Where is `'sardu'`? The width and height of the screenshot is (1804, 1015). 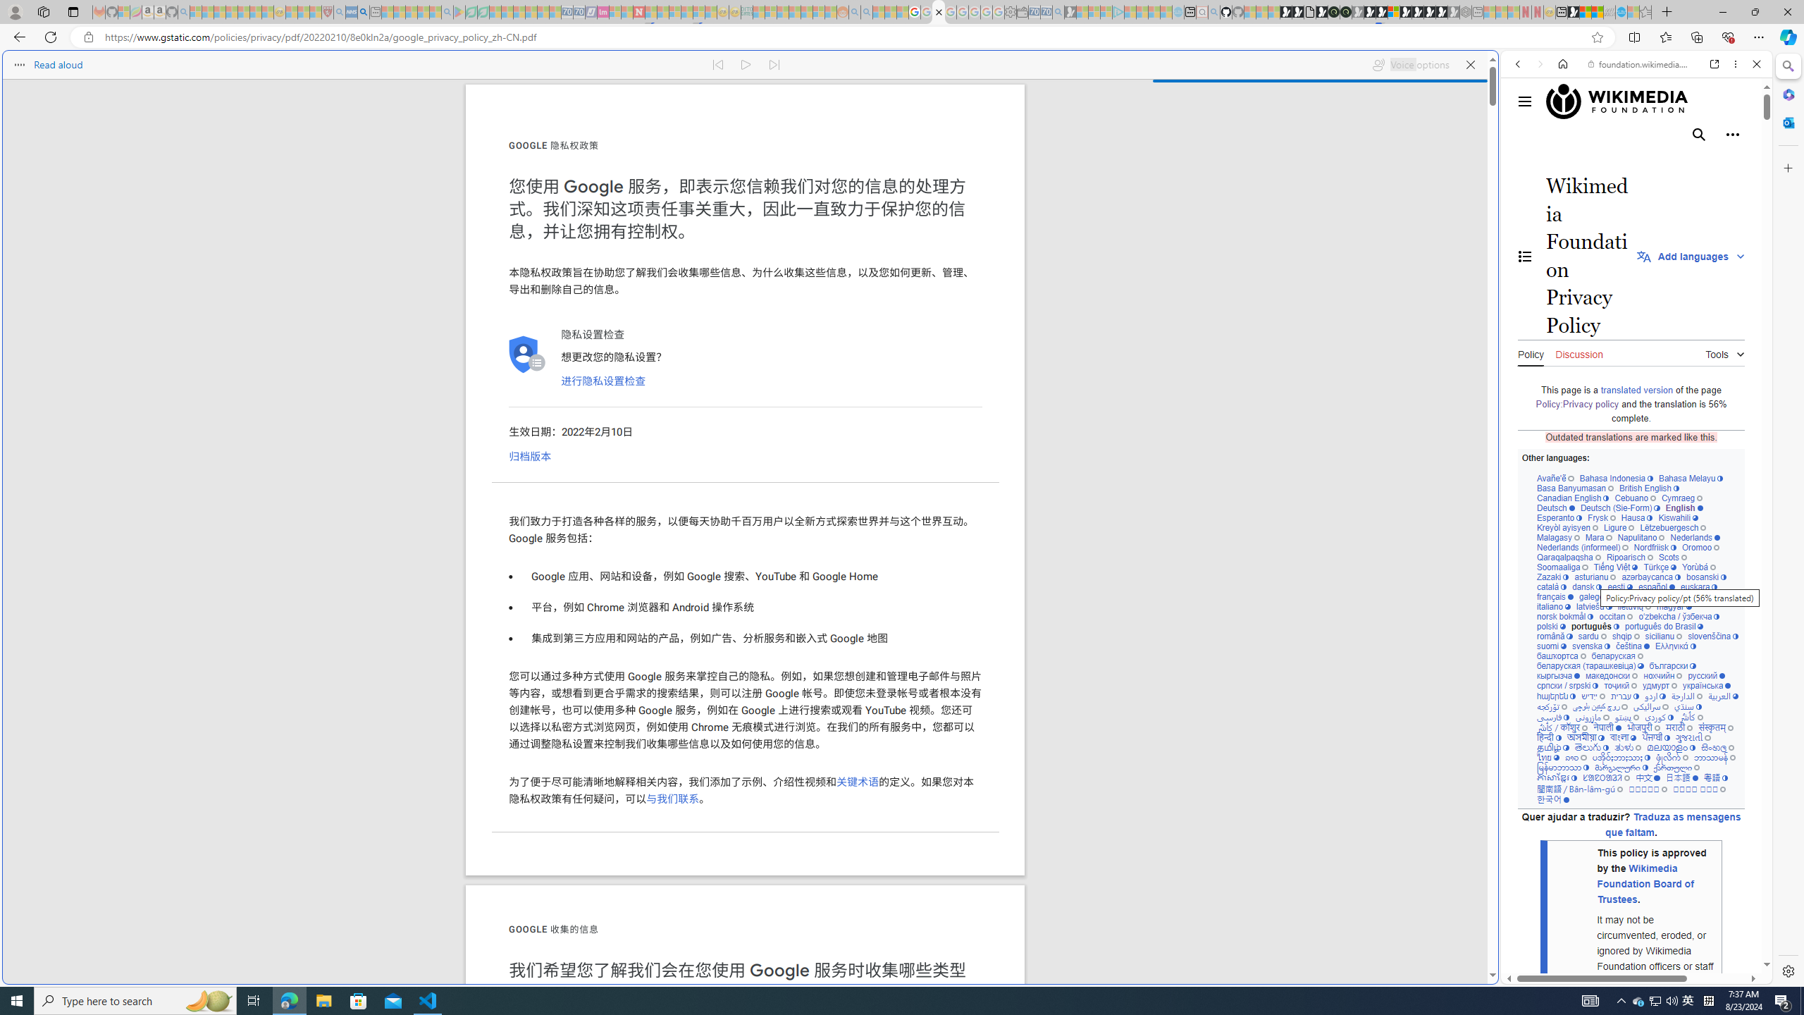
'sardu' is located at coordinates (1592, 635).